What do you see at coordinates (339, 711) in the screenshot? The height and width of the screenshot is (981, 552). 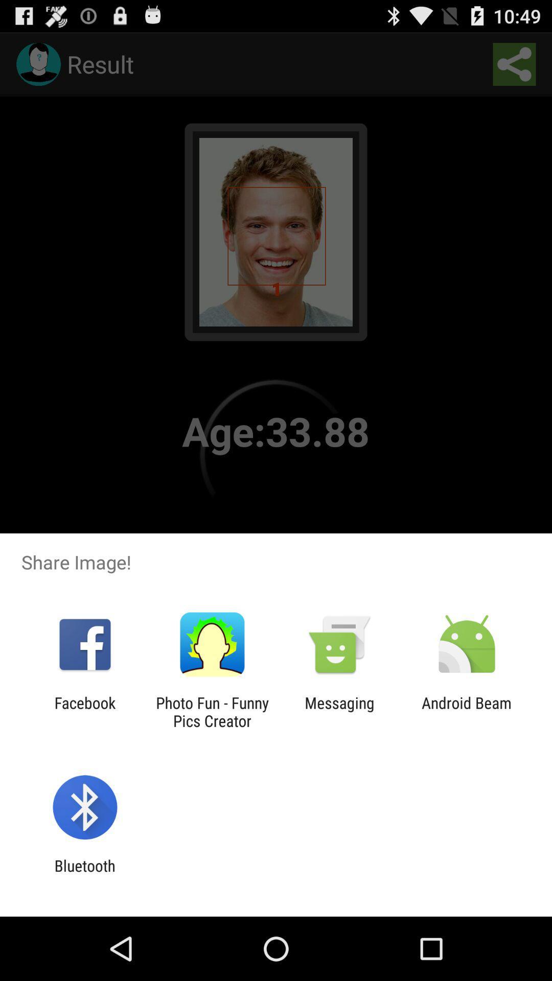 I see `the app to the left of the android beam` at bounding box center [339, 711].